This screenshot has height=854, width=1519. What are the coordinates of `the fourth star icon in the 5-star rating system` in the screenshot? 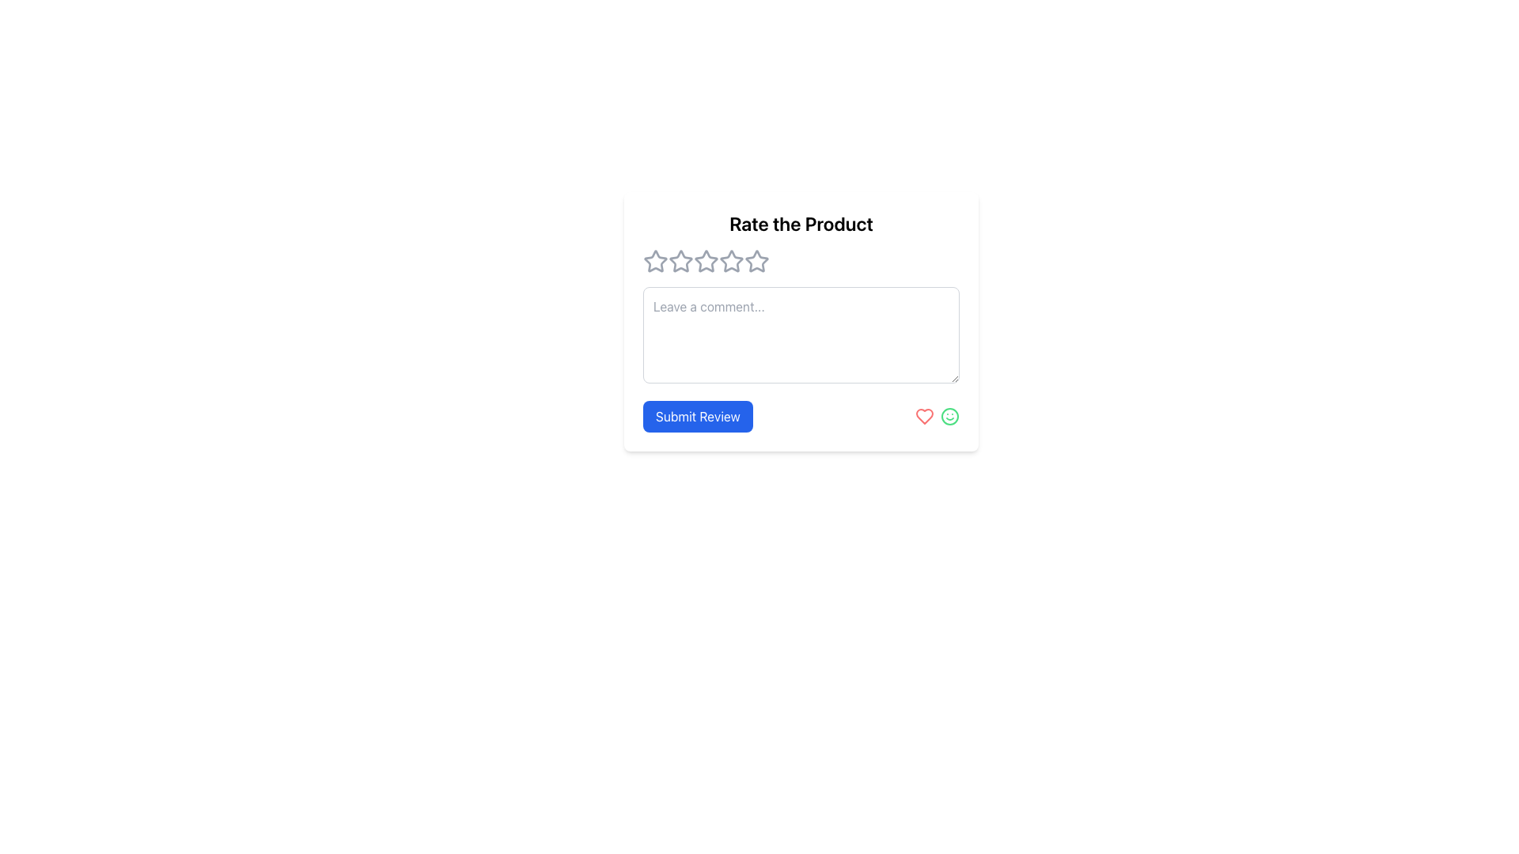 It's located at (756, 260).